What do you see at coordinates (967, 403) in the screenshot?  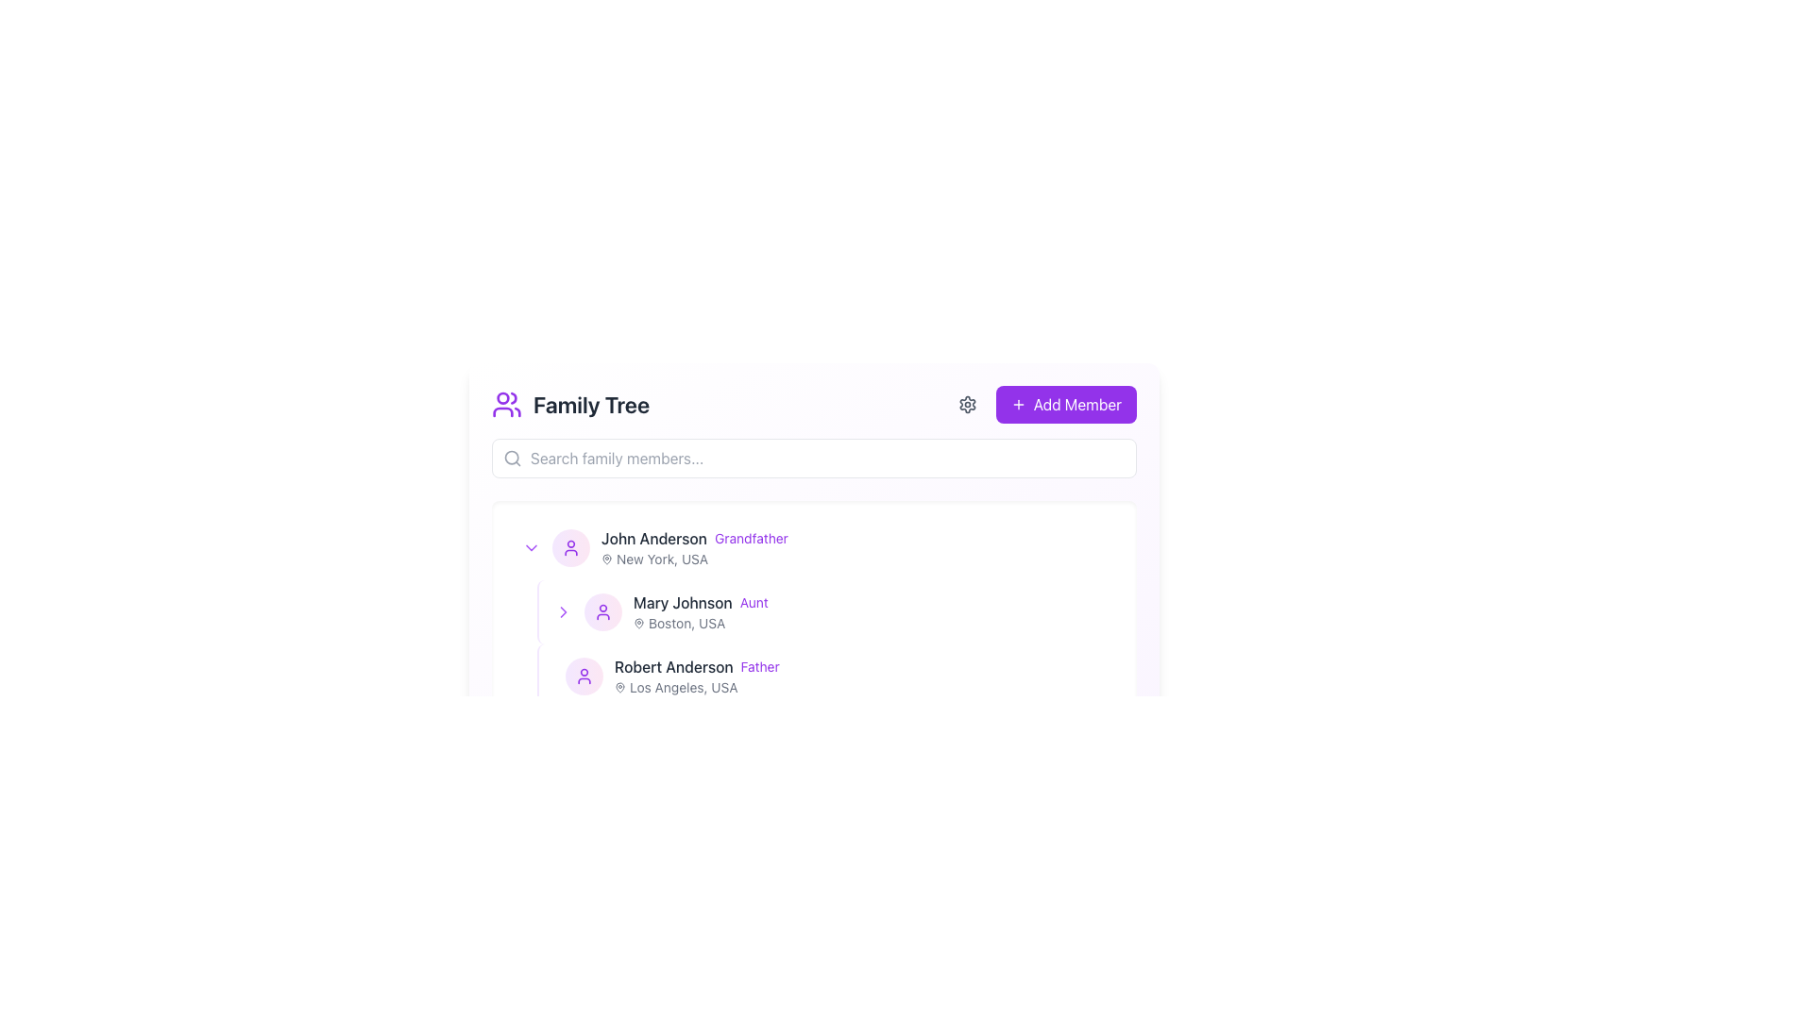 I see `the circular settings icon, which is styled with a gear-like contour and located to the immediate left of the 'Add Member' button at the top-right corner of the layout, to trigger a tooltip or visual feedback` at bounding box center [967, 403].